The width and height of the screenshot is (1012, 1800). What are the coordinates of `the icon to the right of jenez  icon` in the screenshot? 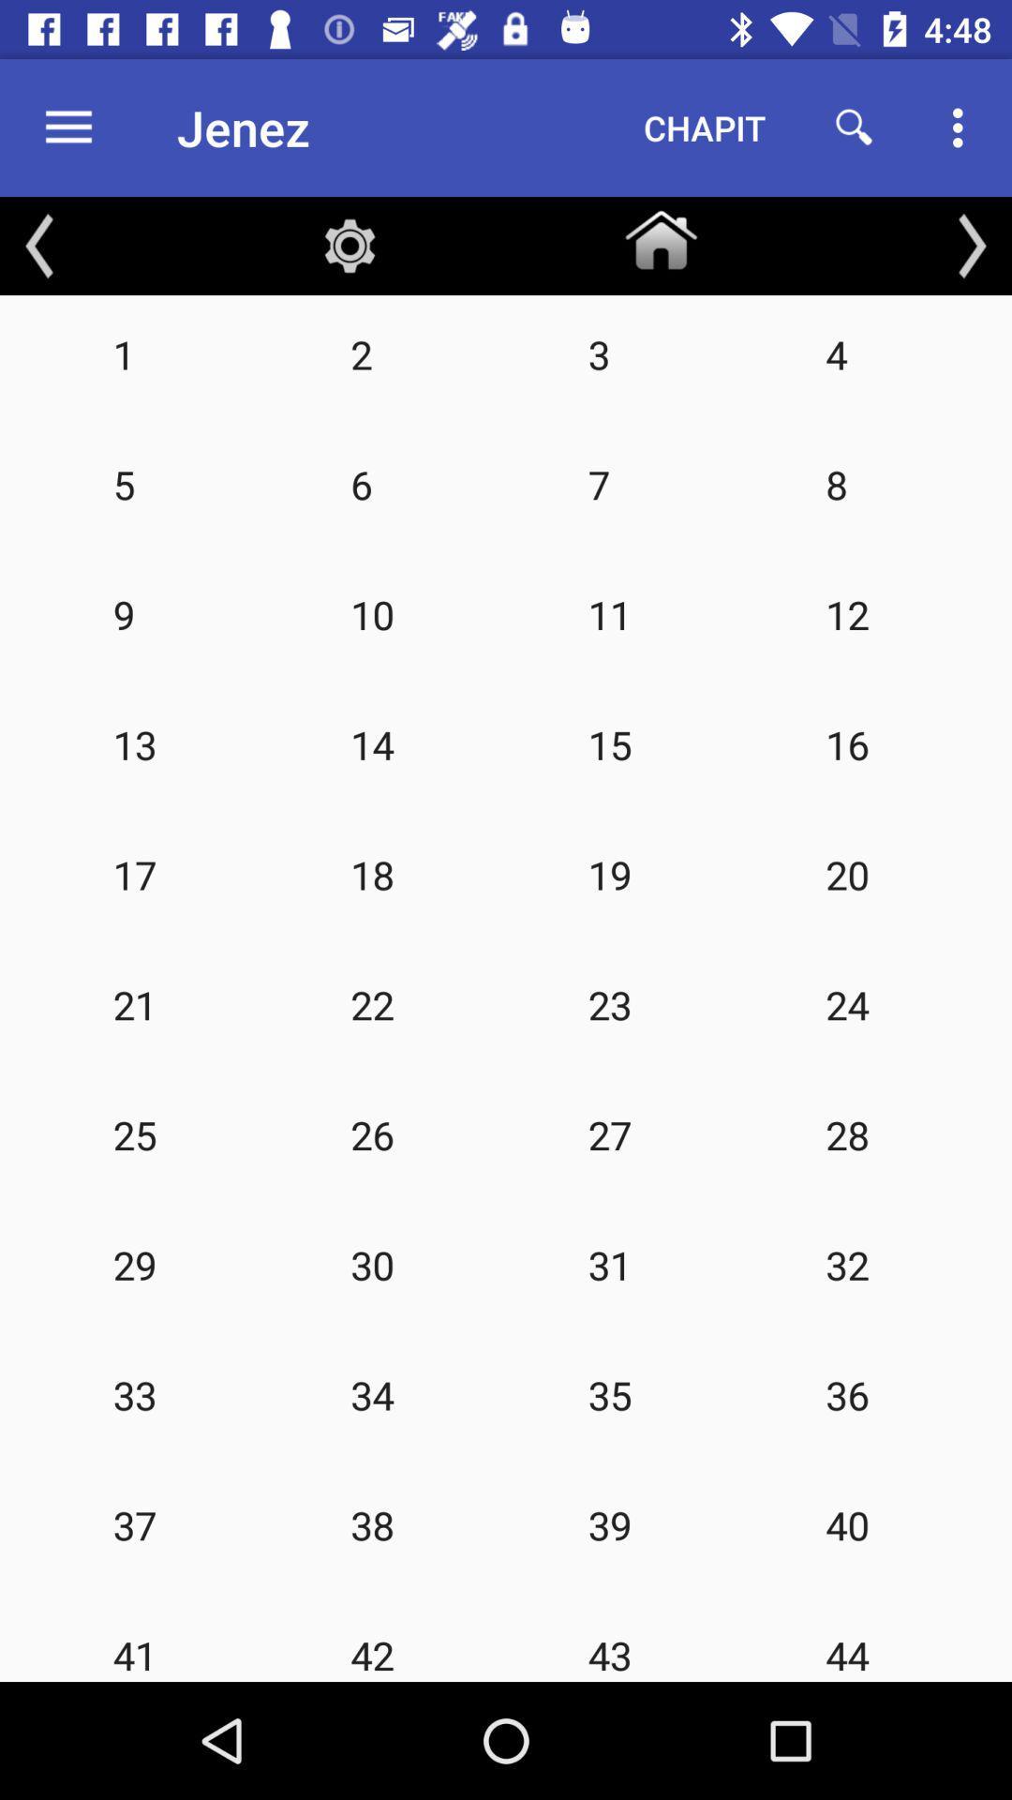 It's located at (705, 127).